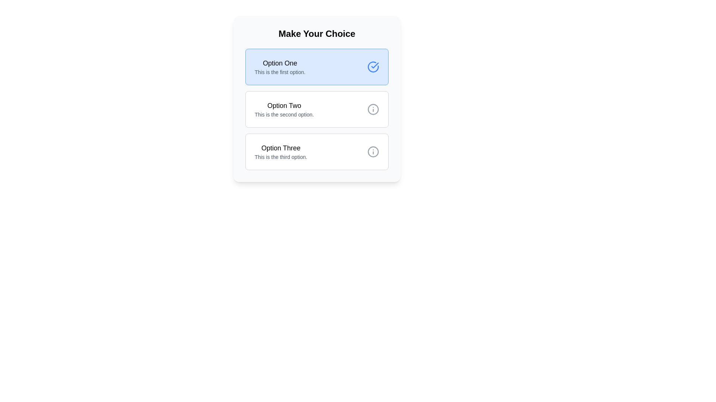 The height and width of the screenshot is (402, 716). Describe the element at coordinates (373, 67) in the screenshot. I see `the icon indicating that 'Option One' is currently selected, which is located at the right side of the first option in the list` at that location.